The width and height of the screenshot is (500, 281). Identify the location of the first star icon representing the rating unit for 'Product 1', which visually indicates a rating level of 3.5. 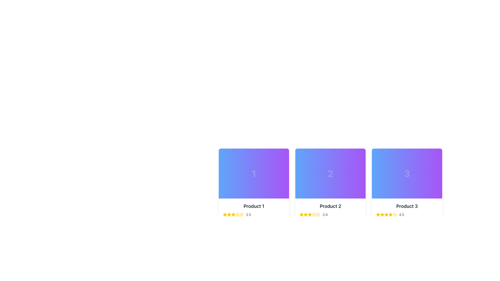
(229, 214).